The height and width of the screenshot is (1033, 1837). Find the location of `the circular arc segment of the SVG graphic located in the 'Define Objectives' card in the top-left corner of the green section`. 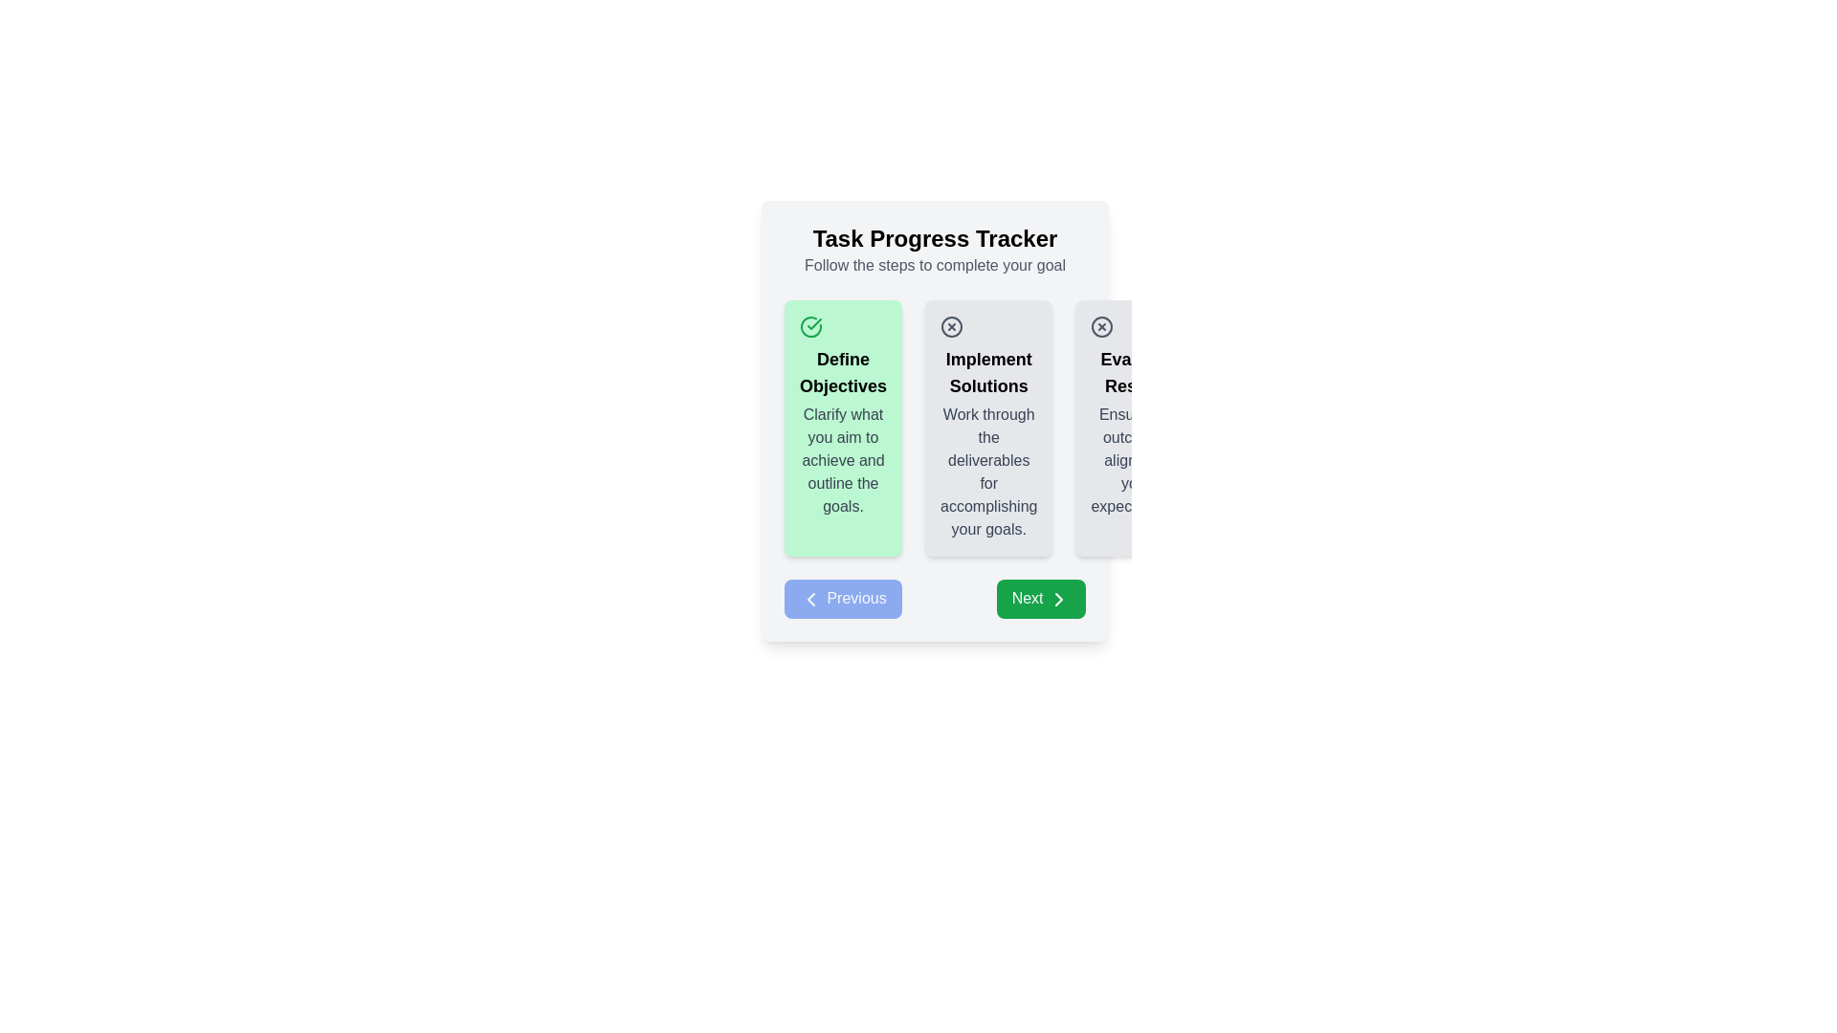

the circular arc segment of the SVG graphic located in the 'Define Objectives' card in the top-left corner of the green section is located at coordinates (811, 326).